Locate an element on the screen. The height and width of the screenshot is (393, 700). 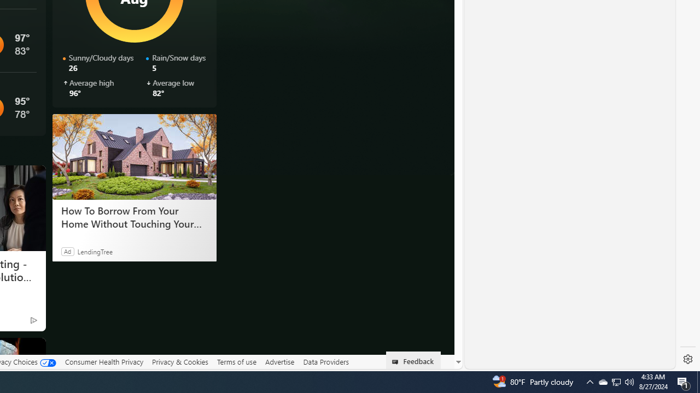
'Data Providers' is located at coordinates (325, 362).